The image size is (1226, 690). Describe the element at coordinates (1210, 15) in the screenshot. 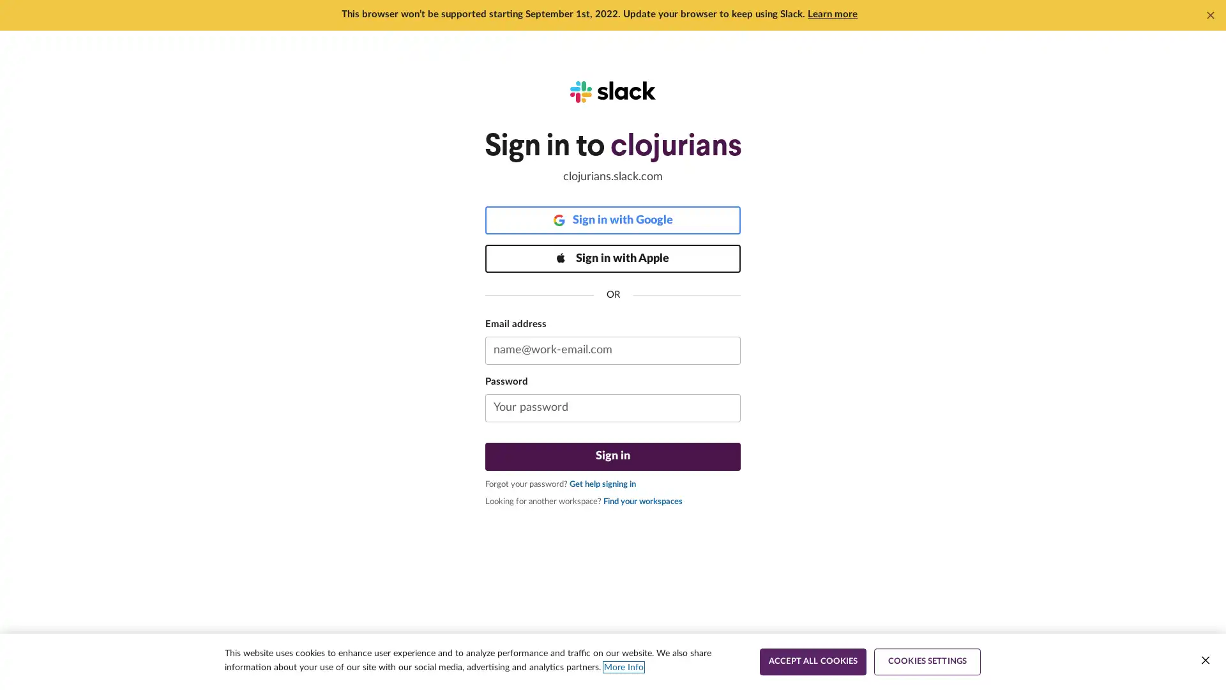

I see `Dismiss` at that location.